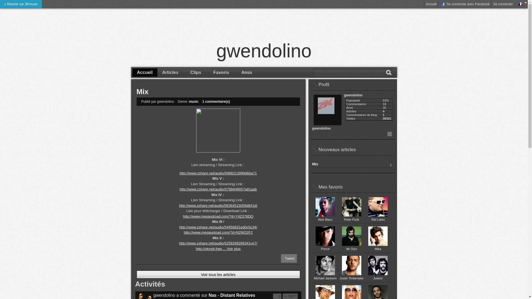  Describe the element at coordinates (247, 72) in the screenshot. I see `'Amis'` at that location.